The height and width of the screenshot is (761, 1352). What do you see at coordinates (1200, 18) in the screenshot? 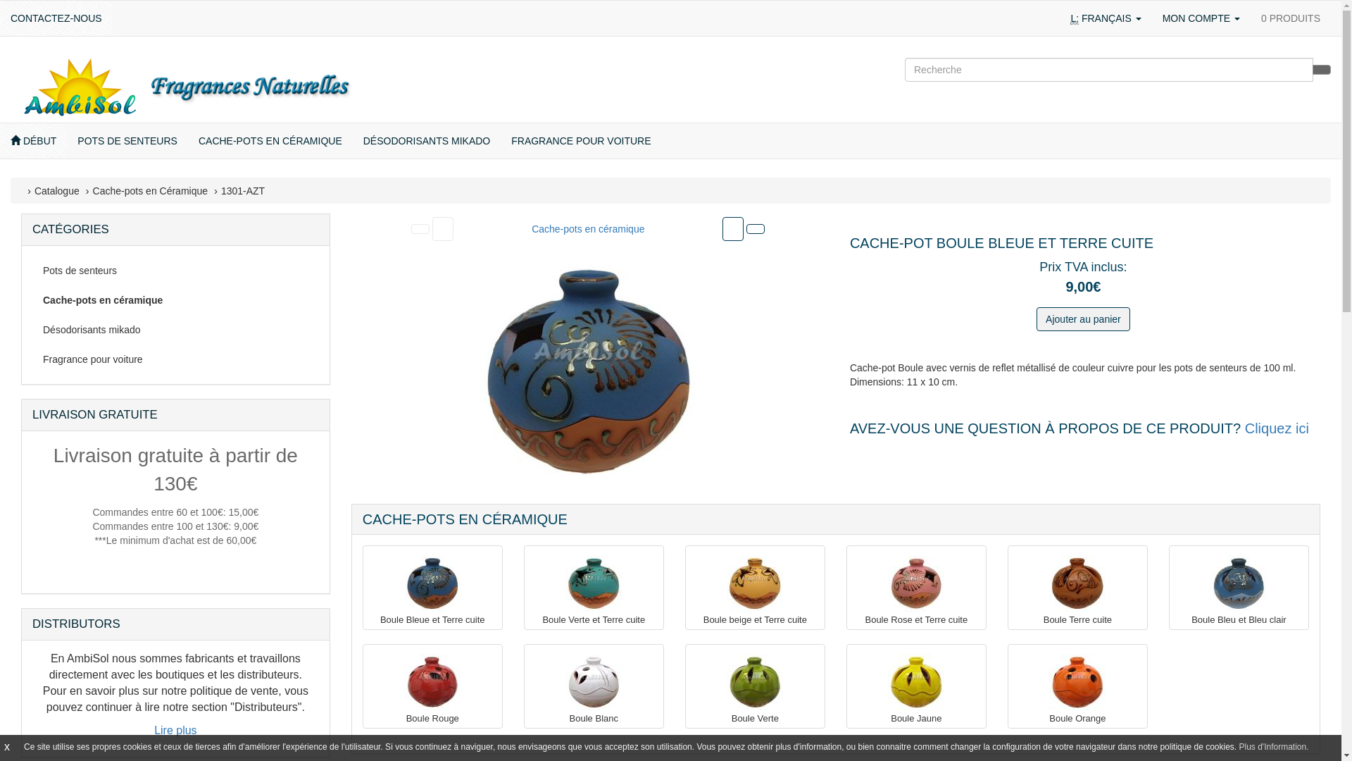
I see `'MON COMPTE'` at bounding box center [1200, 18].